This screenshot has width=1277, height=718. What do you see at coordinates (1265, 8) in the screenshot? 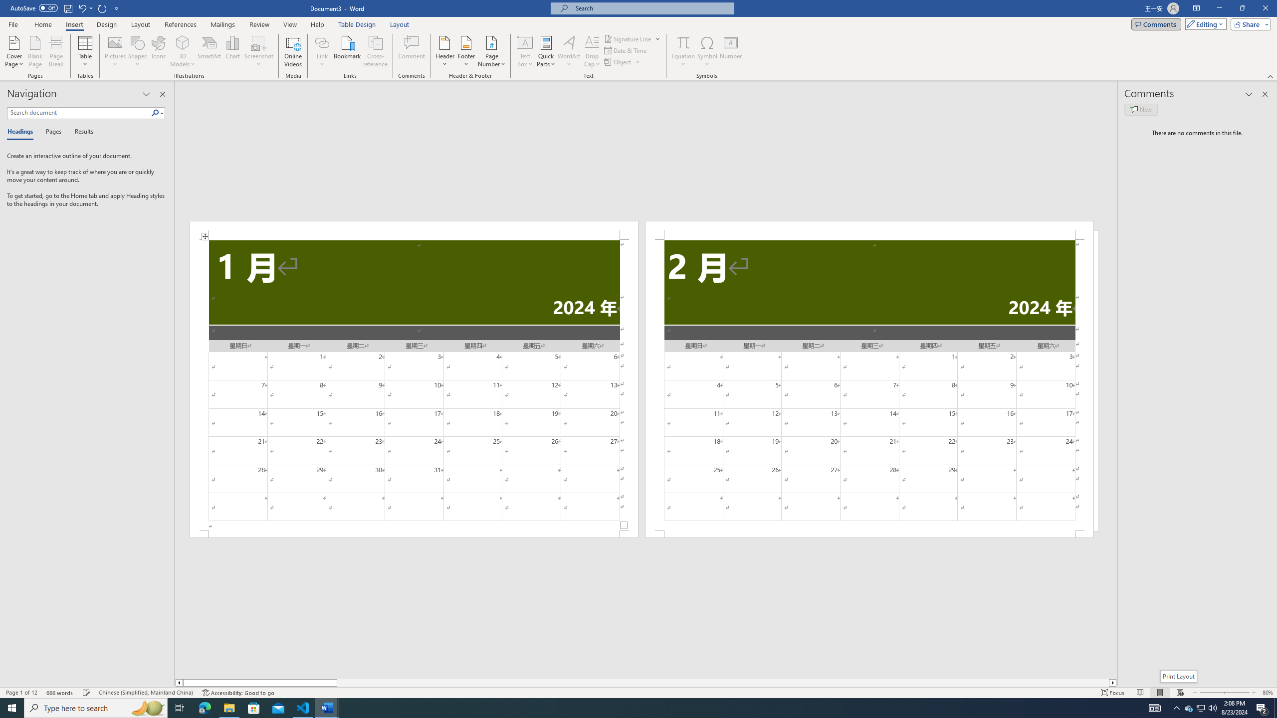
I see `'Close'` at bounding box center [1265, 8].